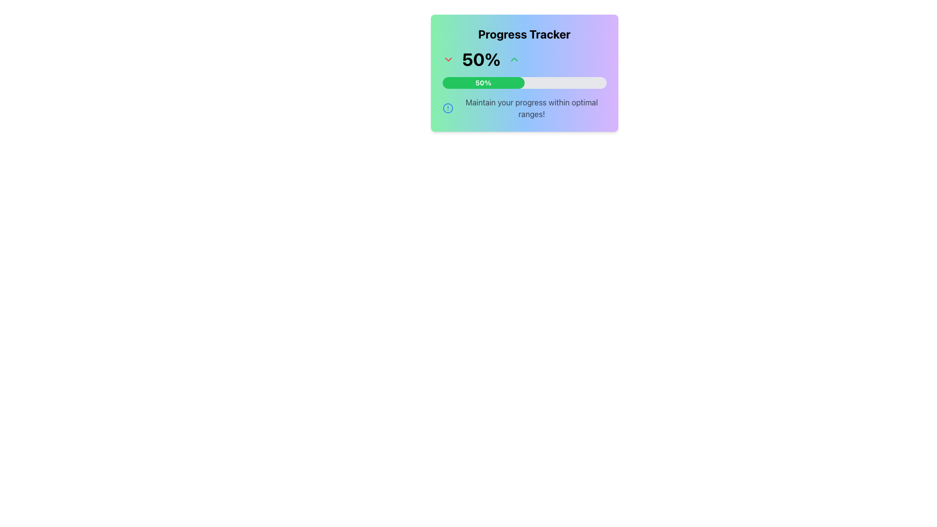  What do you see at coordinates (448, 60) in the screenshot?
I see `the Dropdown Icon located immediately to the left of the '50%' text` at bounding box center [448, 60].